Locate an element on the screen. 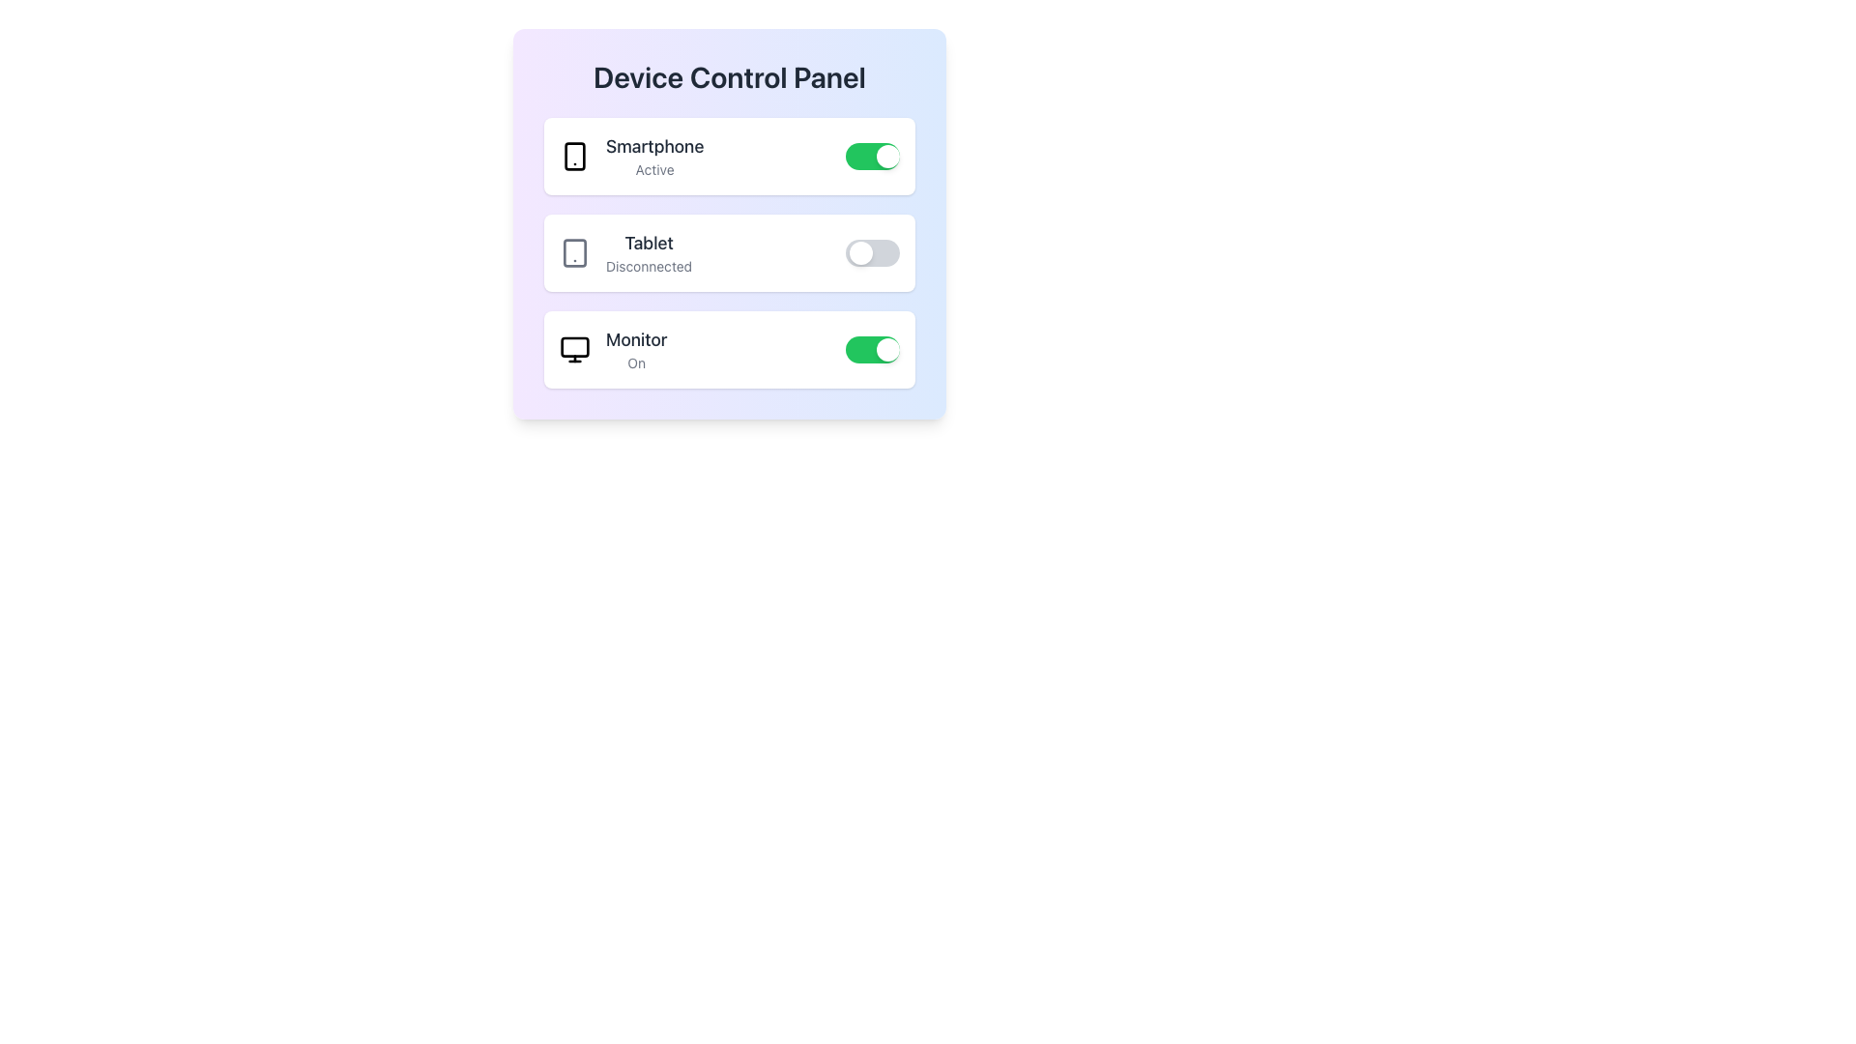 Image resolution: width=1856 pixels, height=1044 pixels. the text label that displays 'Disconnected,' which is styled in a small light gray font and located below the 'Tablet' label in the 'Device Control Panel.' is located at coordinates (649, 267).